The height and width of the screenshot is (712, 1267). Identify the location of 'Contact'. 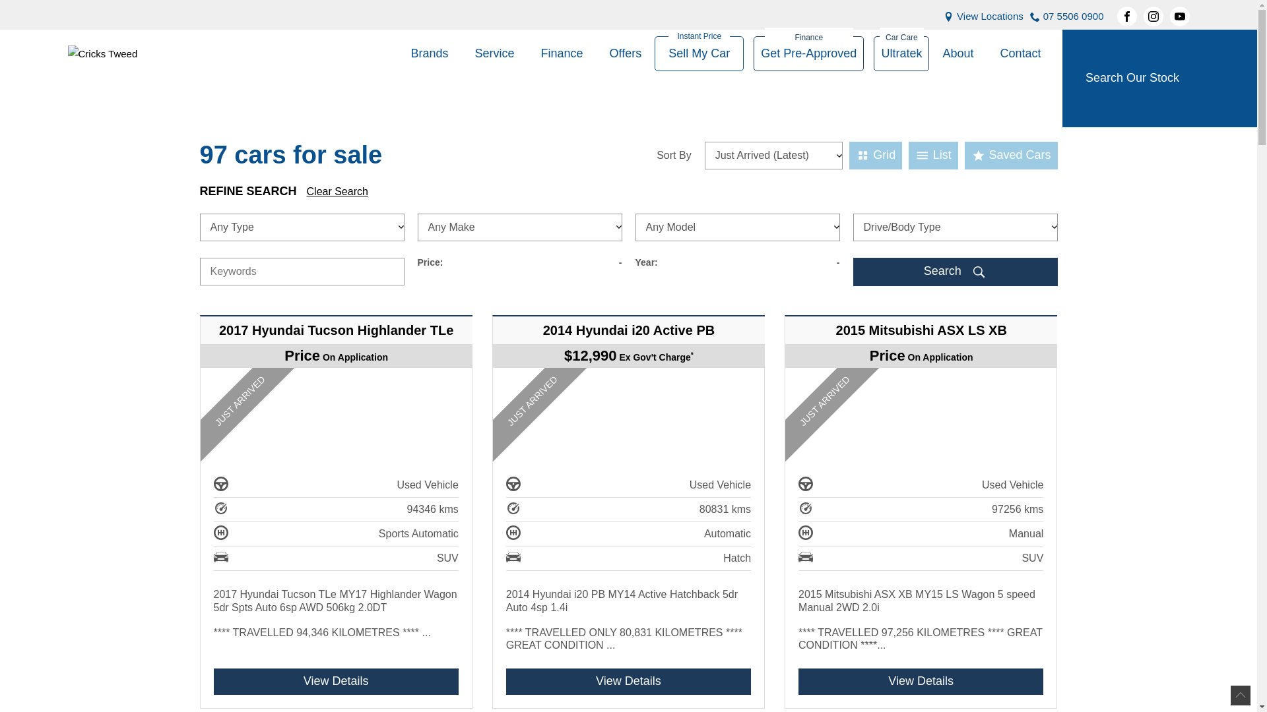
(1013, 53).